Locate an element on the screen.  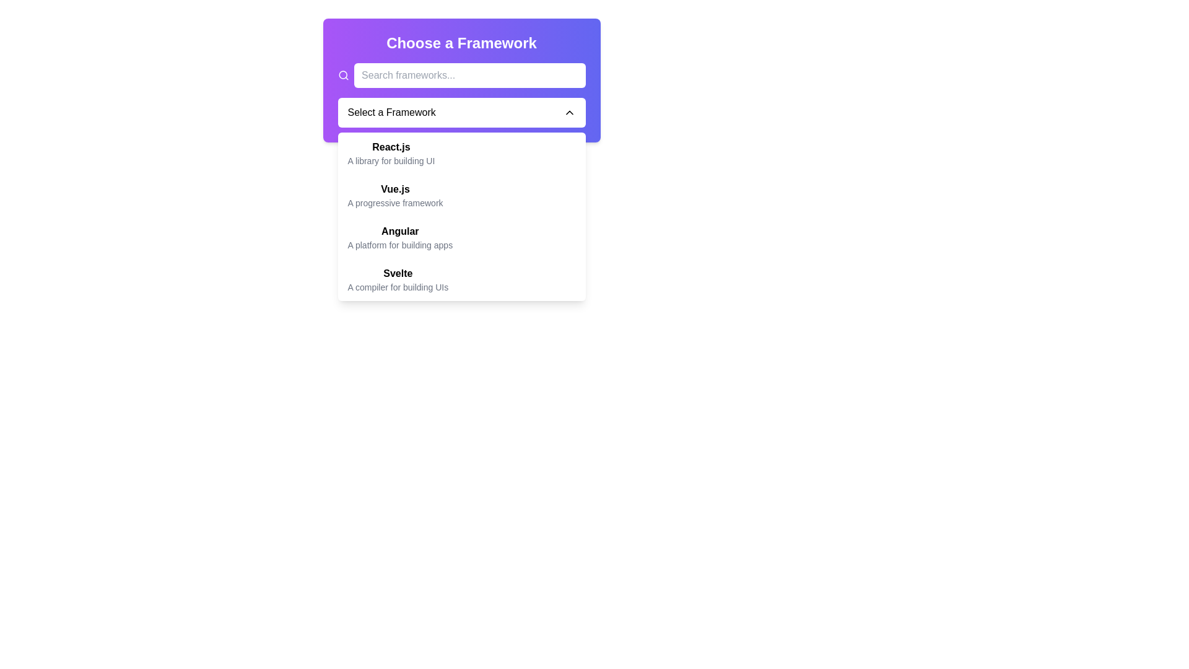
the 'React.js' option in the dropdown menu under 'Choose a Framework' is located at coordinates (390, 152).